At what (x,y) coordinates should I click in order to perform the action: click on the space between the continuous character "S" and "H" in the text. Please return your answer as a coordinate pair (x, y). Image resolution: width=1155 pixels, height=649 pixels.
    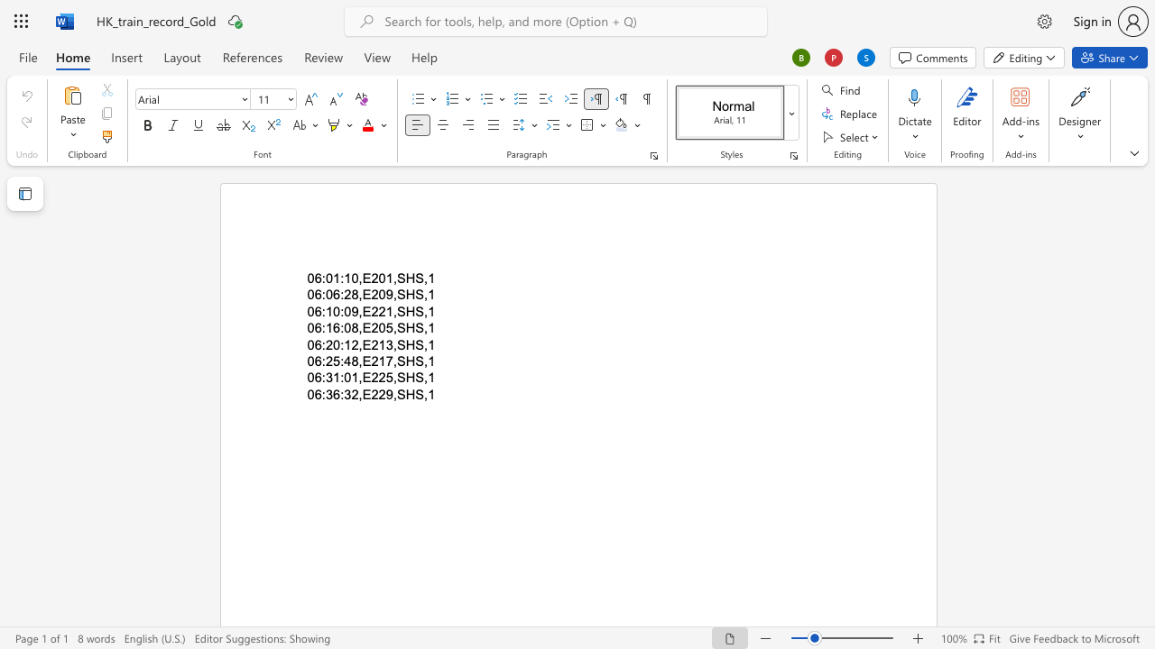
    Looking at the image, I should click on (404, 294).